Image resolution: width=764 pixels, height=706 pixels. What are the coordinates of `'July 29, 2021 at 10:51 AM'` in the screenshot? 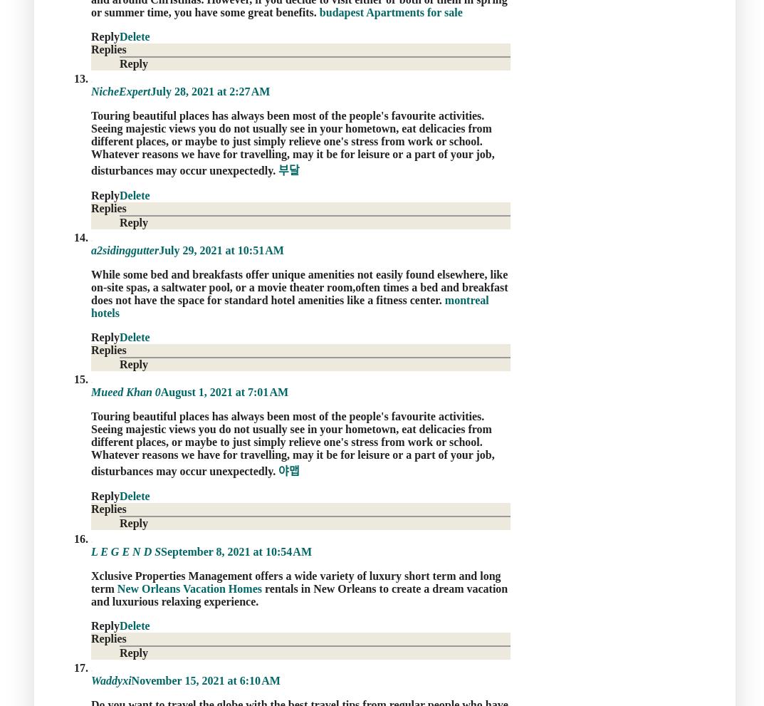 It's located at (158, 250).